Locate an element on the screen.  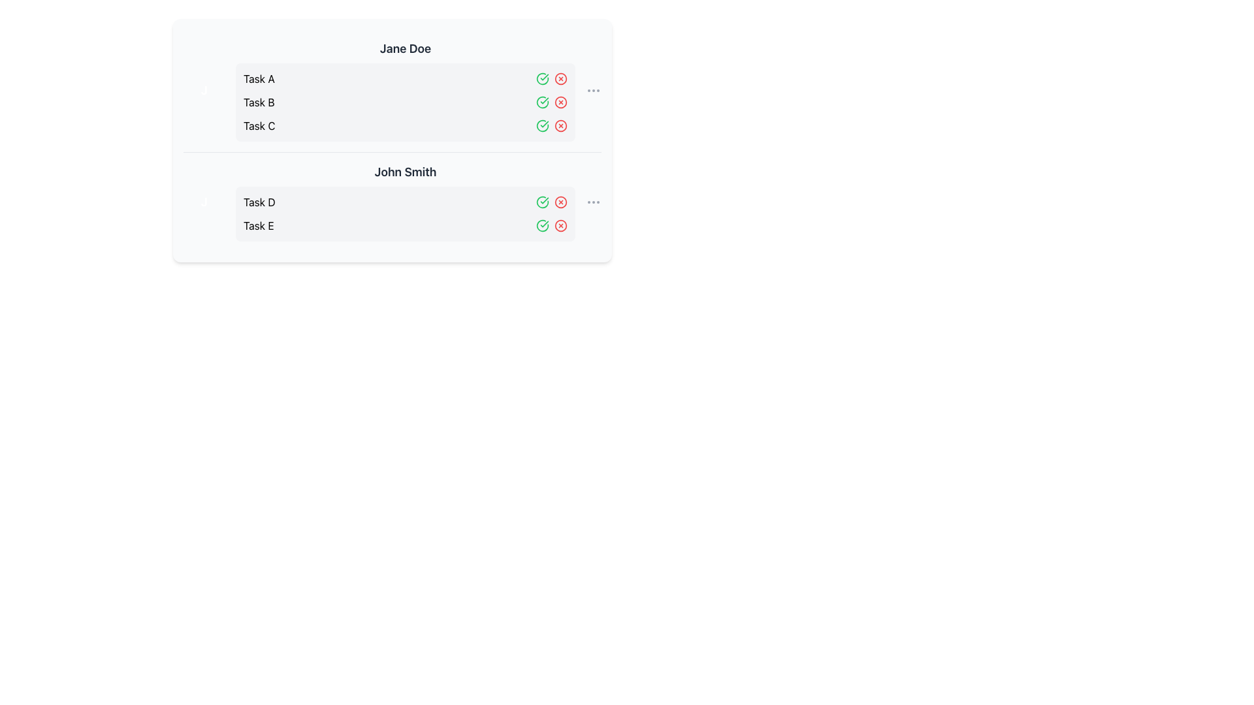
the green circular icon with a checkmark to mark the task as complete is located at coordinates (542, 78).